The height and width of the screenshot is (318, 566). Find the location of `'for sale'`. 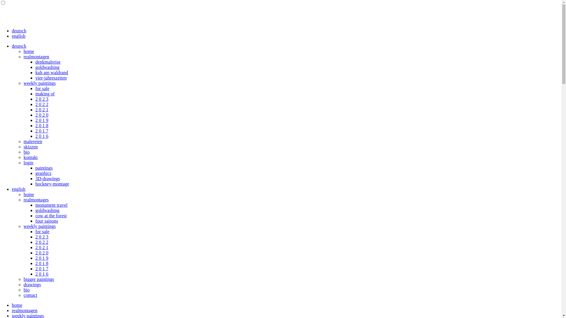

'for sale' is located at coordinates (42, 231).